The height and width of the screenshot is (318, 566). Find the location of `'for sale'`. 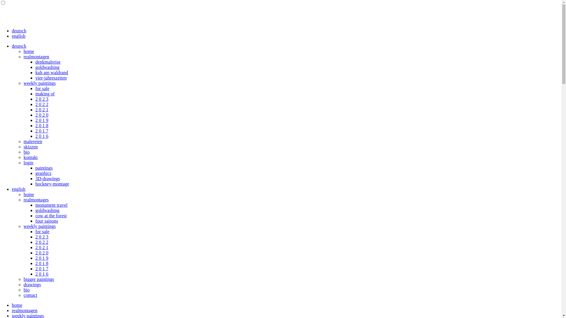

'for sale' is located at coordinates (42, 231).